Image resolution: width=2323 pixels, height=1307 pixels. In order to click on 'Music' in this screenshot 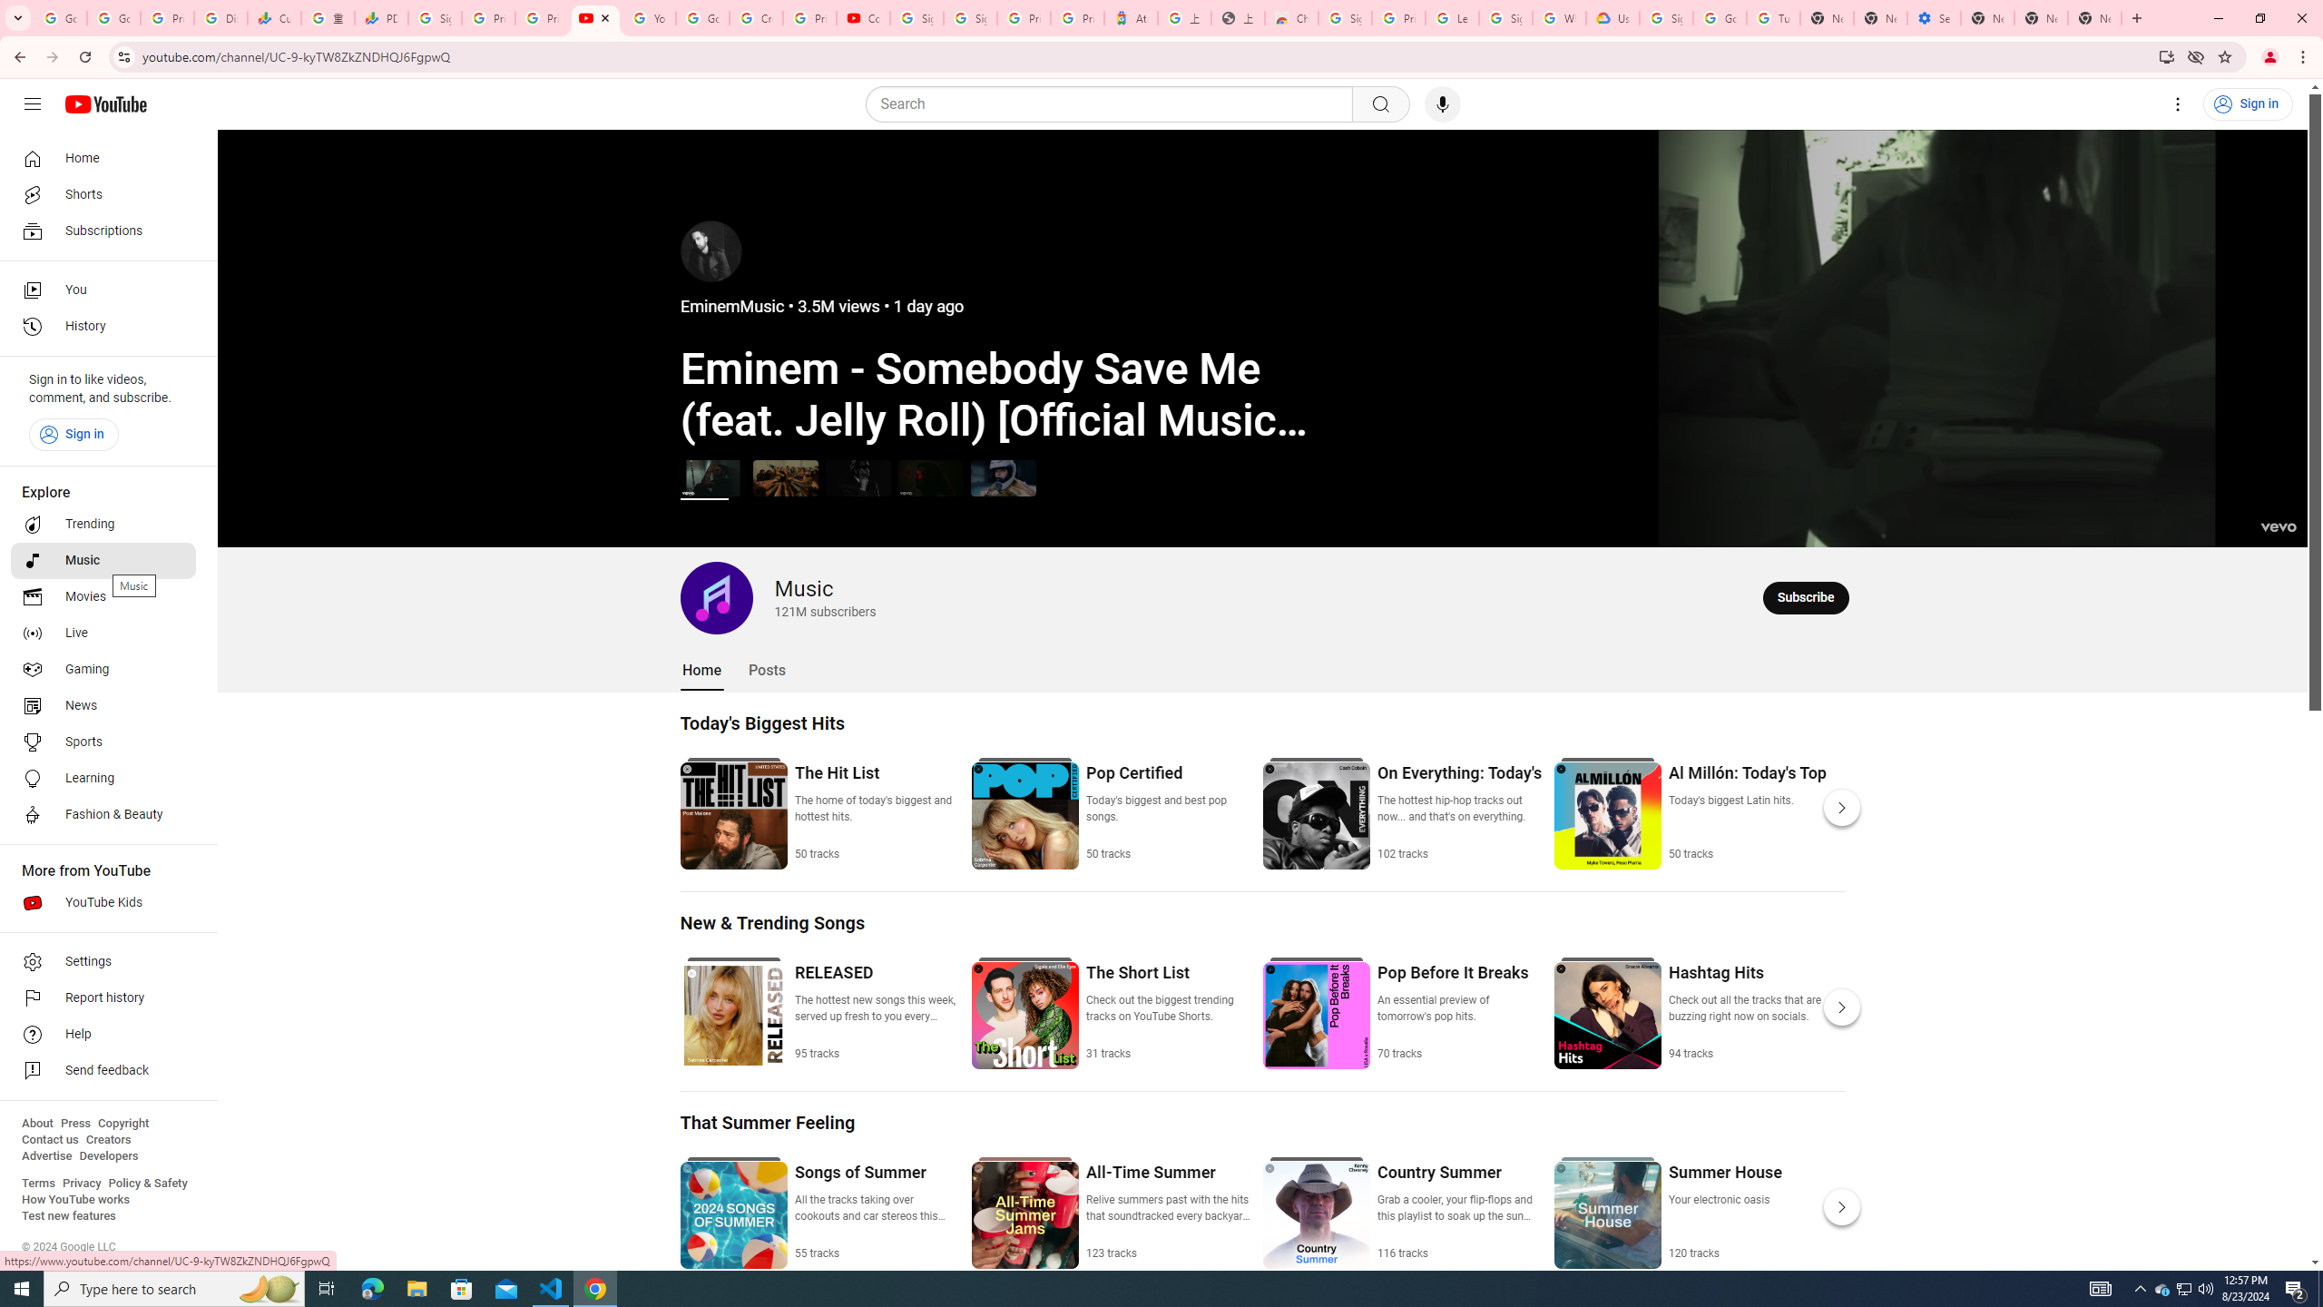, I will do `click(103, 559)`.